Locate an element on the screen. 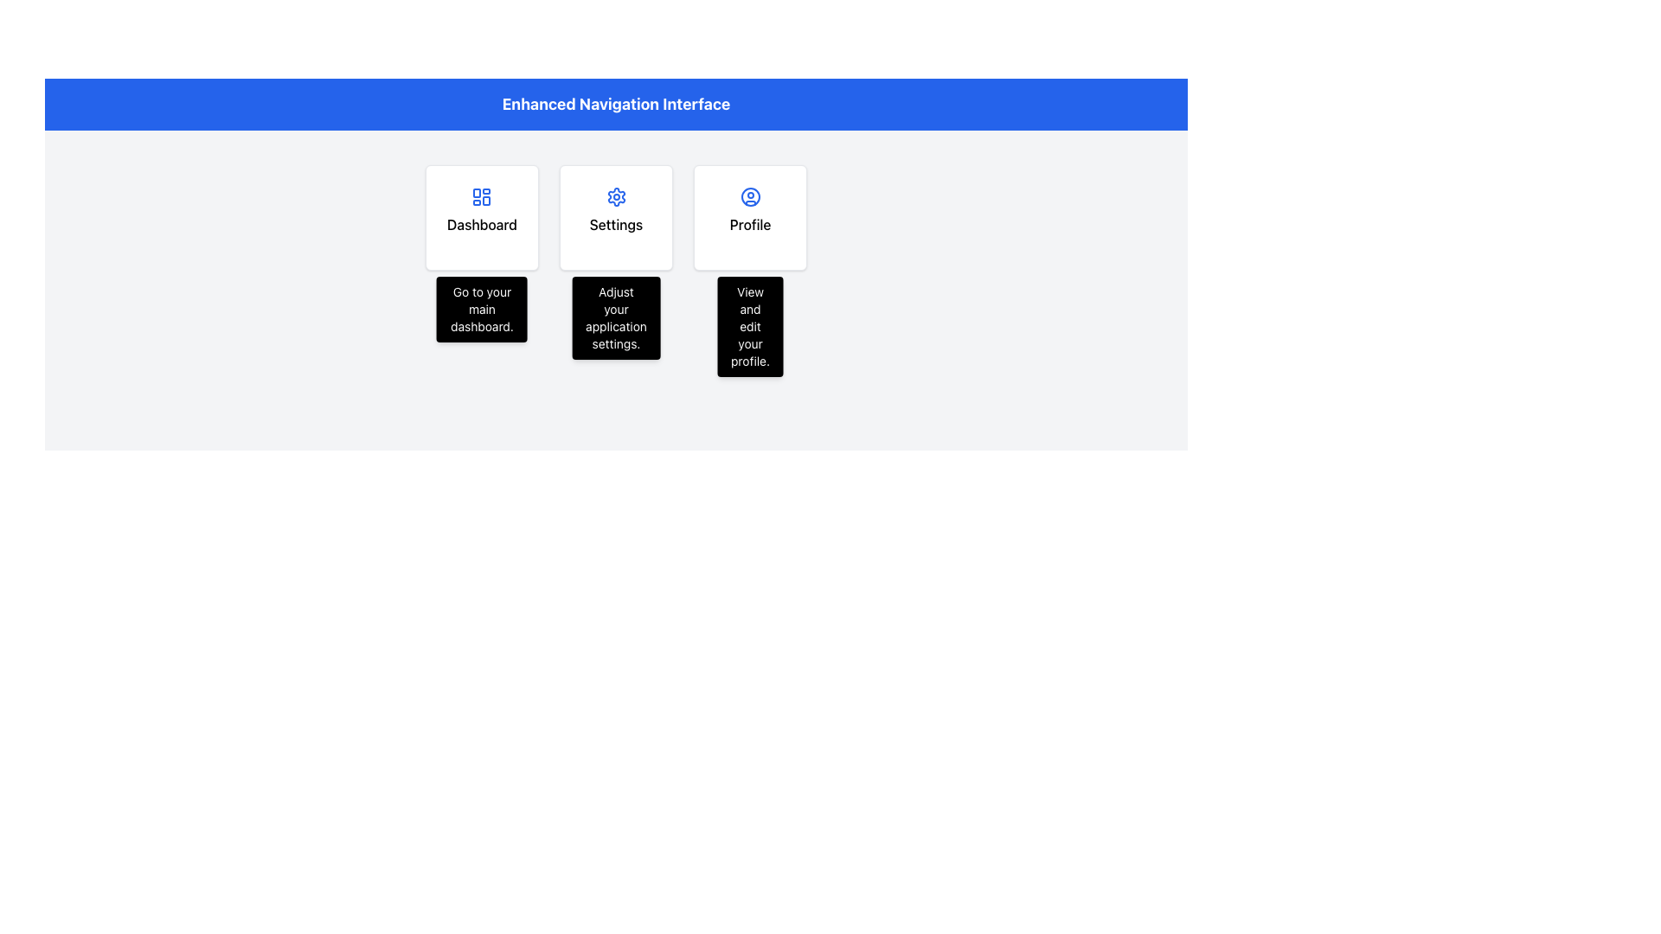 This screenshot has height=934, width=1661. the blue grid icon located at the top center of the 'Dashboard' card UI component is located at coordinates (482, 195).